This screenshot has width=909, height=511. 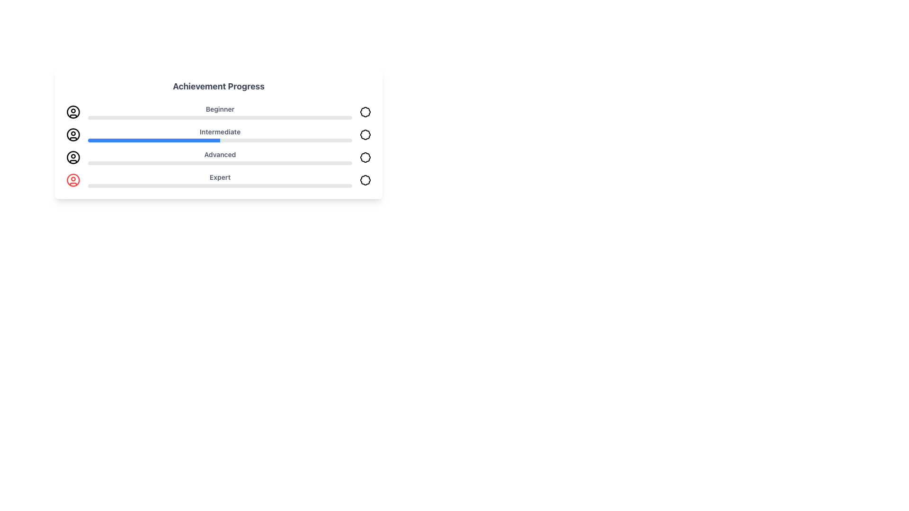 I want to click on the 'Advanced' label, which is located in the third row of a vertical arrangement of progress levels, positioned between 'Intermediate' and 'Expert', so click(x=220, y=154).